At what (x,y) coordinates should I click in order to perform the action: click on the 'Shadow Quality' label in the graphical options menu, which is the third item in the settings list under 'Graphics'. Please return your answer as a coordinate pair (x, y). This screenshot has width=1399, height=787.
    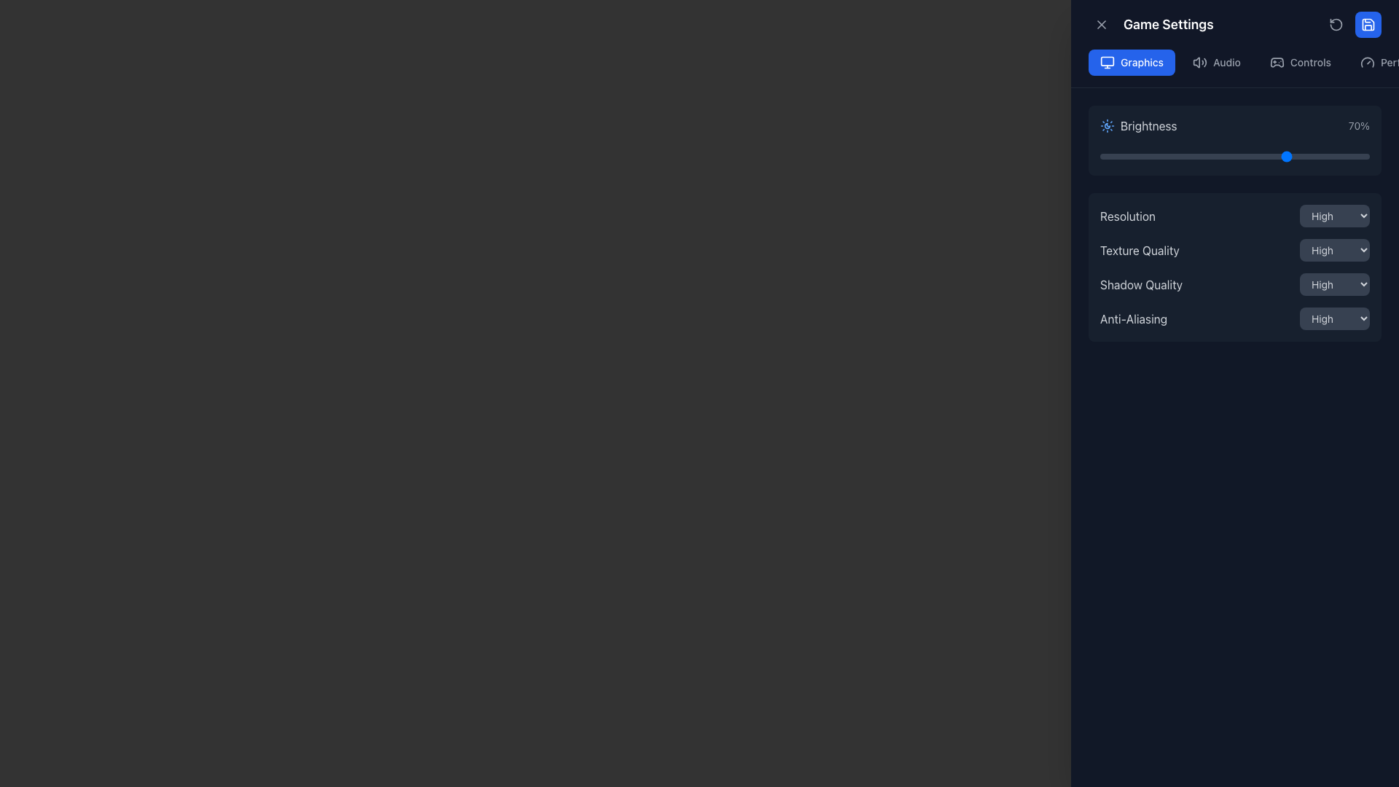
    Looking at the image, I should click on (1140, 284).